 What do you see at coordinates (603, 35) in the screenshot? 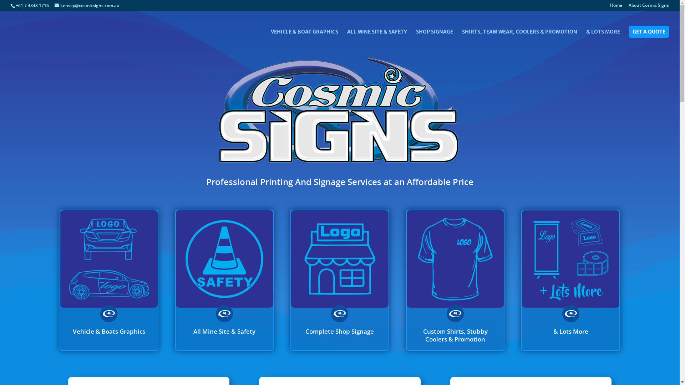
I see `'& LOTS MORE'` at bounding box center [603, 35].